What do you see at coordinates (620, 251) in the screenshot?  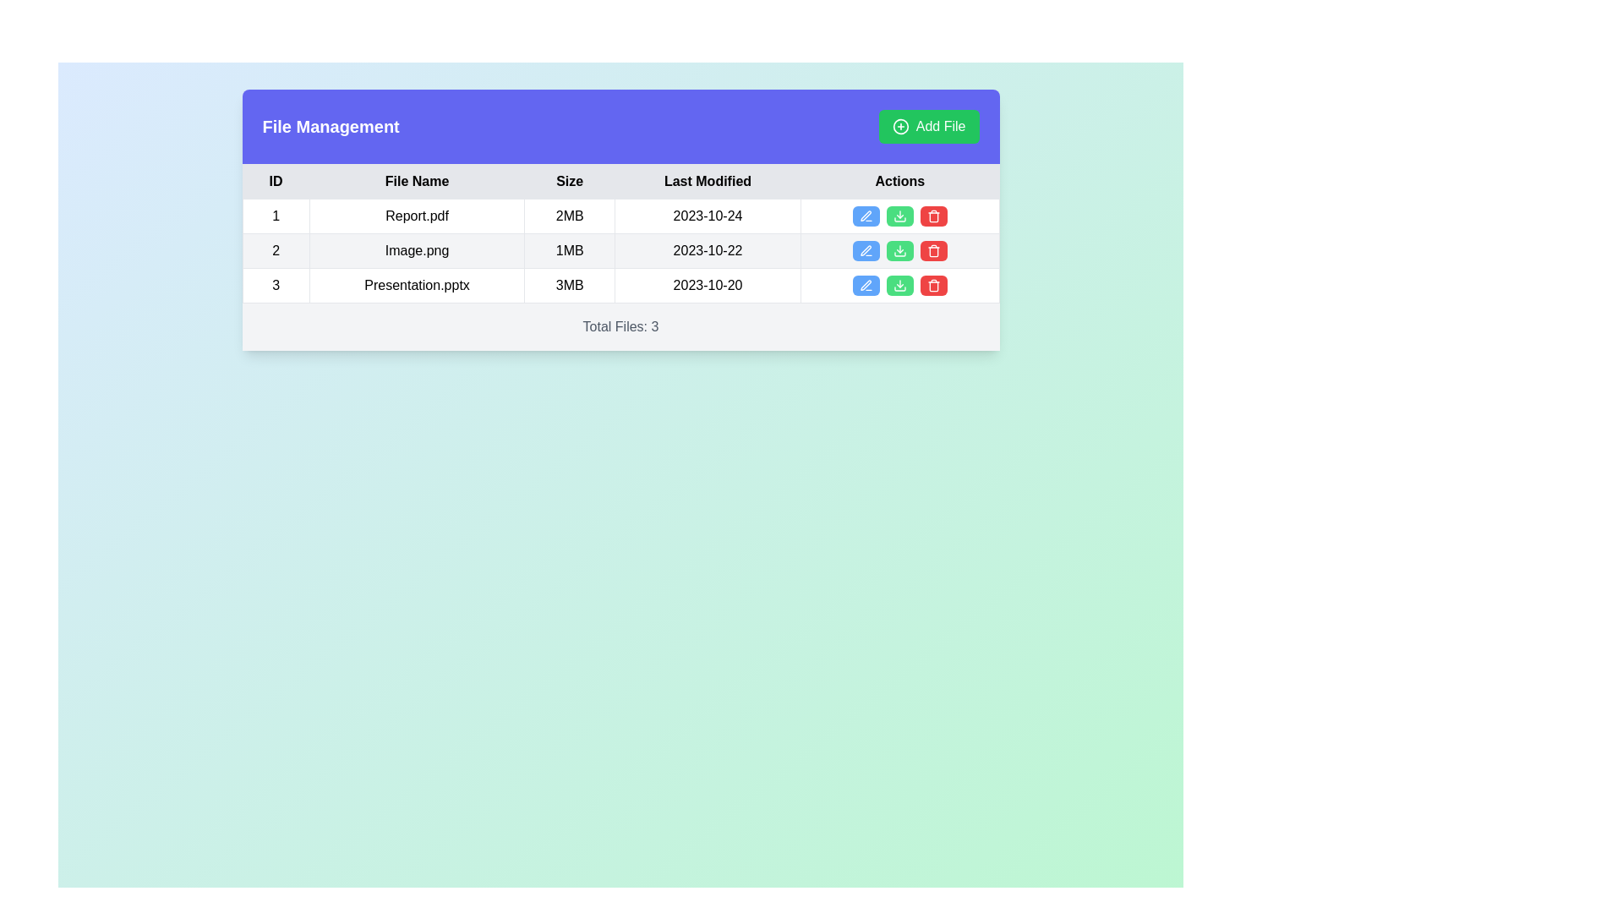 I see `the second table row that displays details about the file 'Image.png'` at bounding box center [620, 251].